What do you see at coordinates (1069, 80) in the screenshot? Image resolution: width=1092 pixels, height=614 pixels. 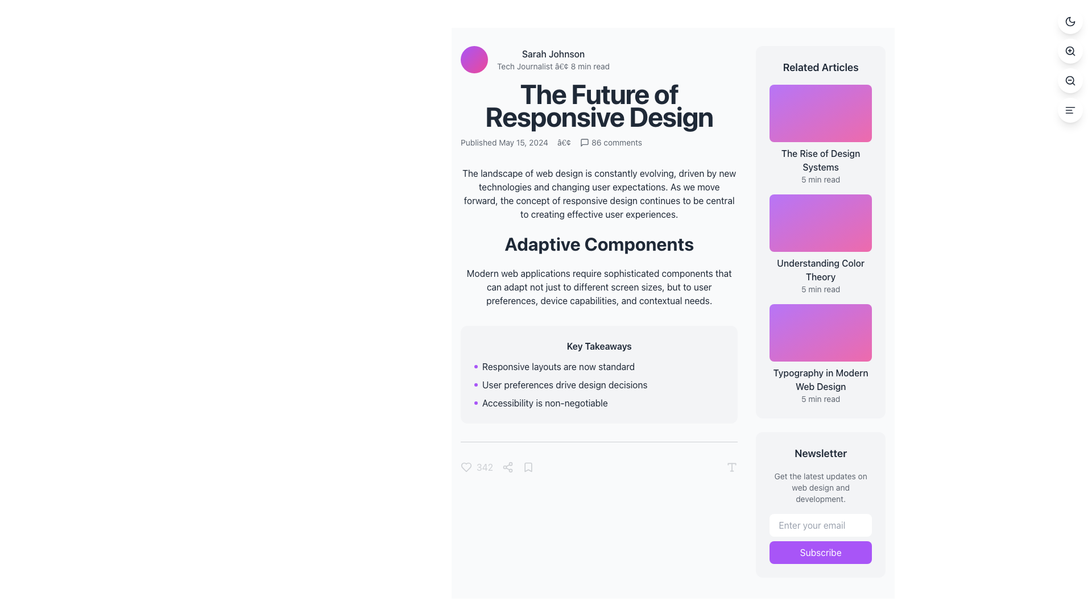 I see `the zoom out button located at the top-right corner of the interface, which is the third circular button in a vertical arrangement` at bounding box center [1069, 80].